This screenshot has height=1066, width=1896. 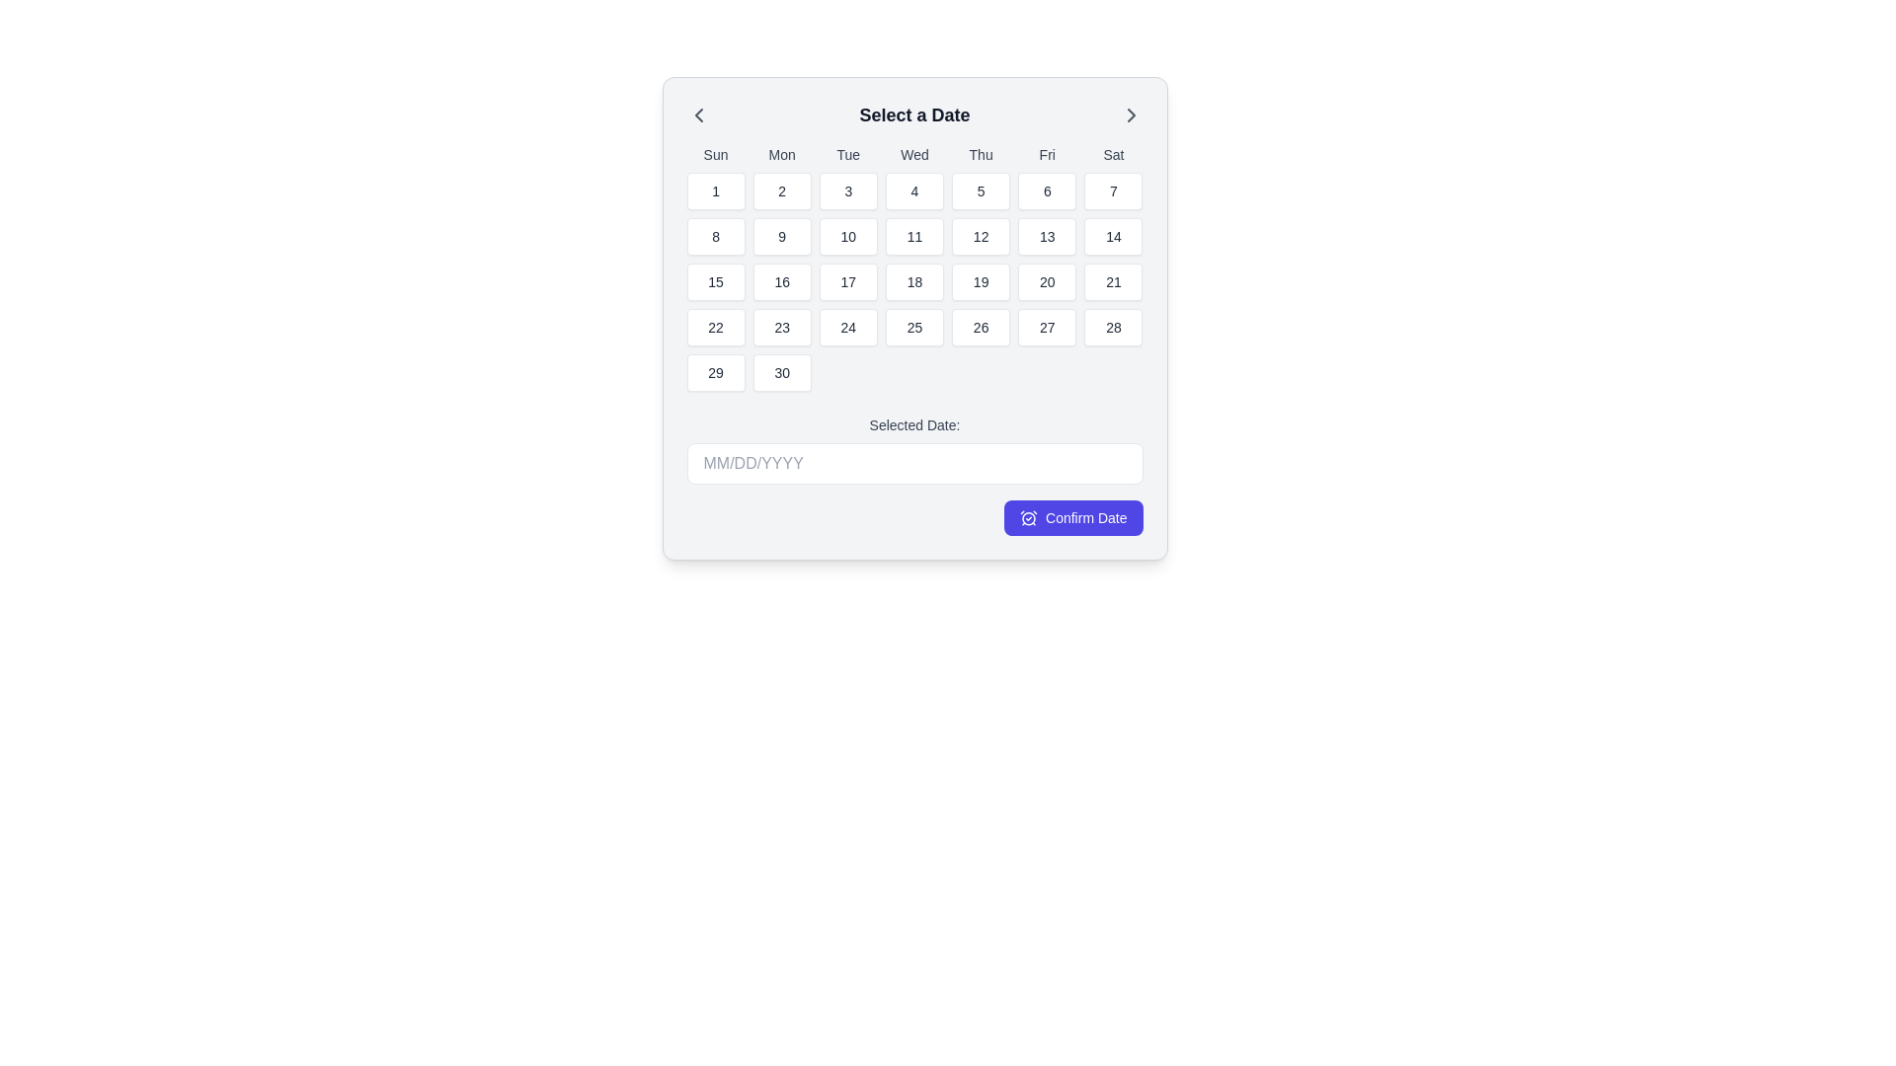 What do you see at coordinates (913, 114) in the screenshot?
I see `the Text Label that serves as the title for the date selection interface, located in the upper central region of the calendar interface, between the left and right navigational arrow icons` at bounding box center [913, 114].